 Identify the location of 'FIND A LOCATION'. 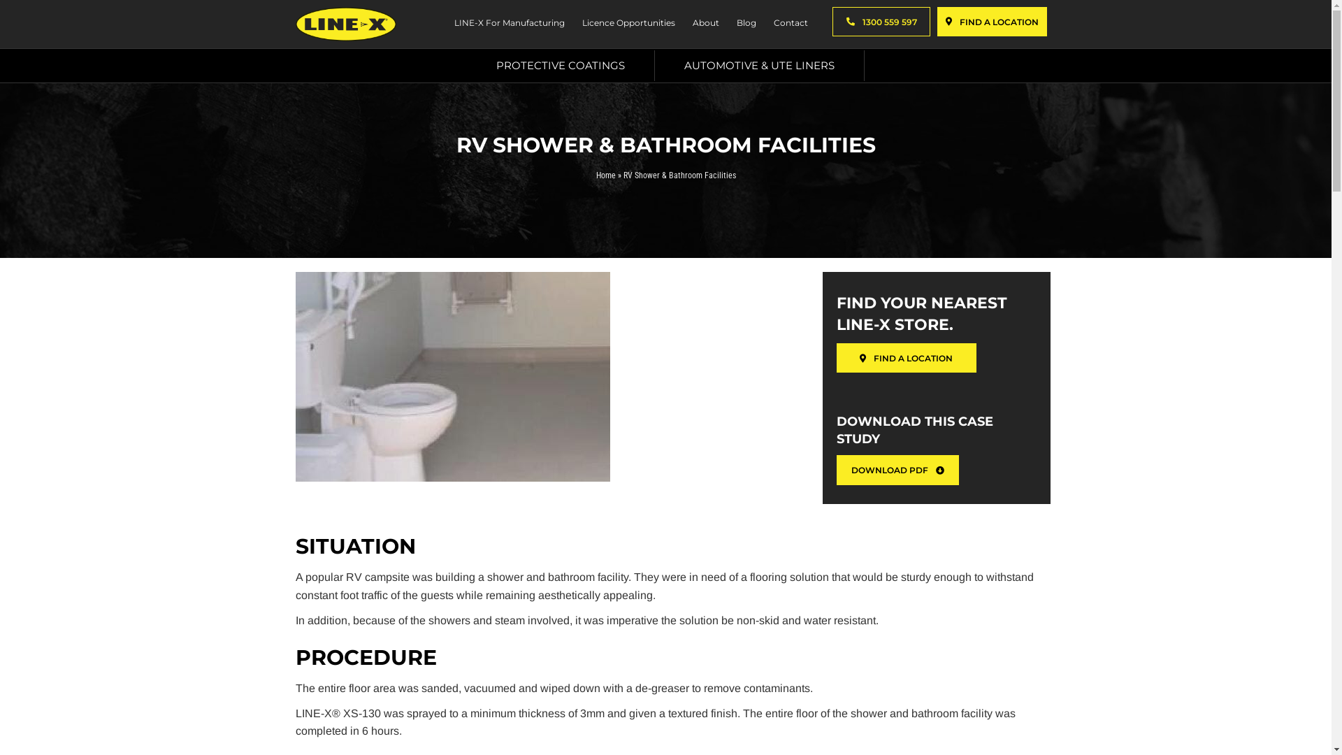
(906, 357).